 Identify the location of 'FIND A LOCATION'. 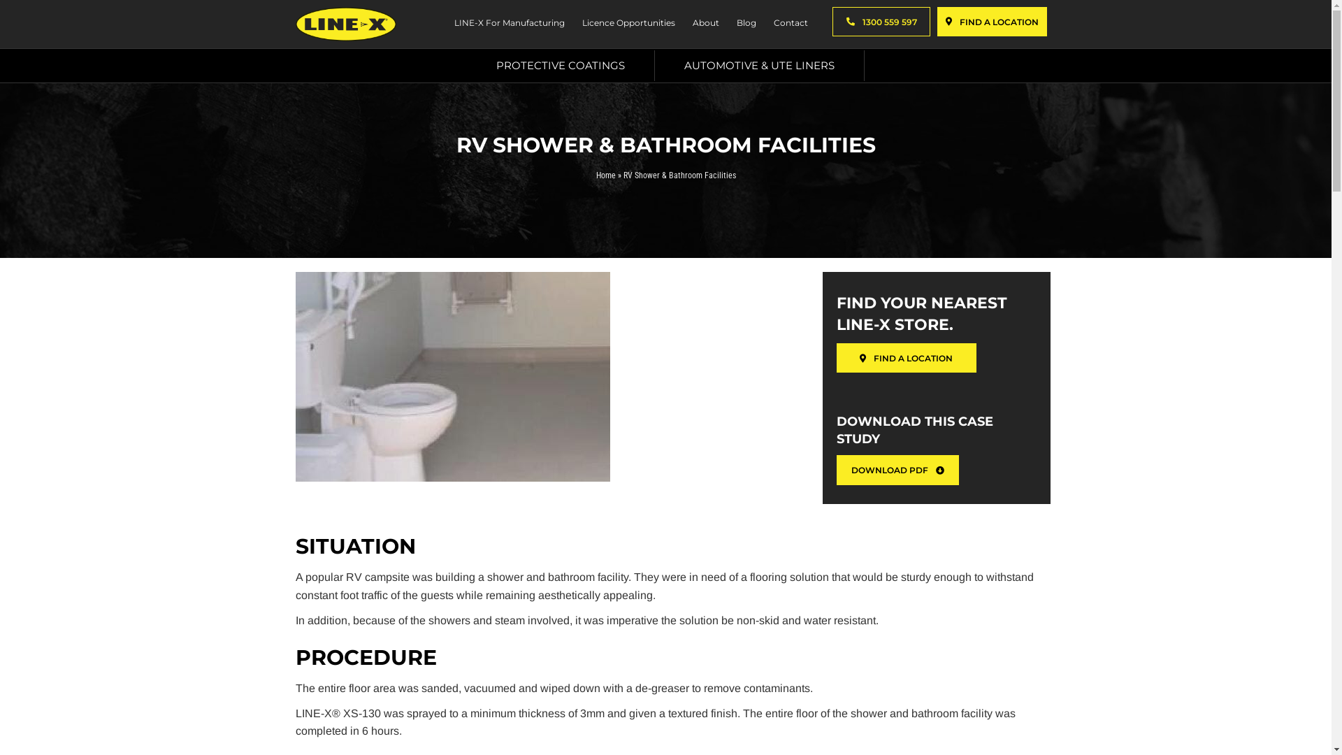
(906, 357).